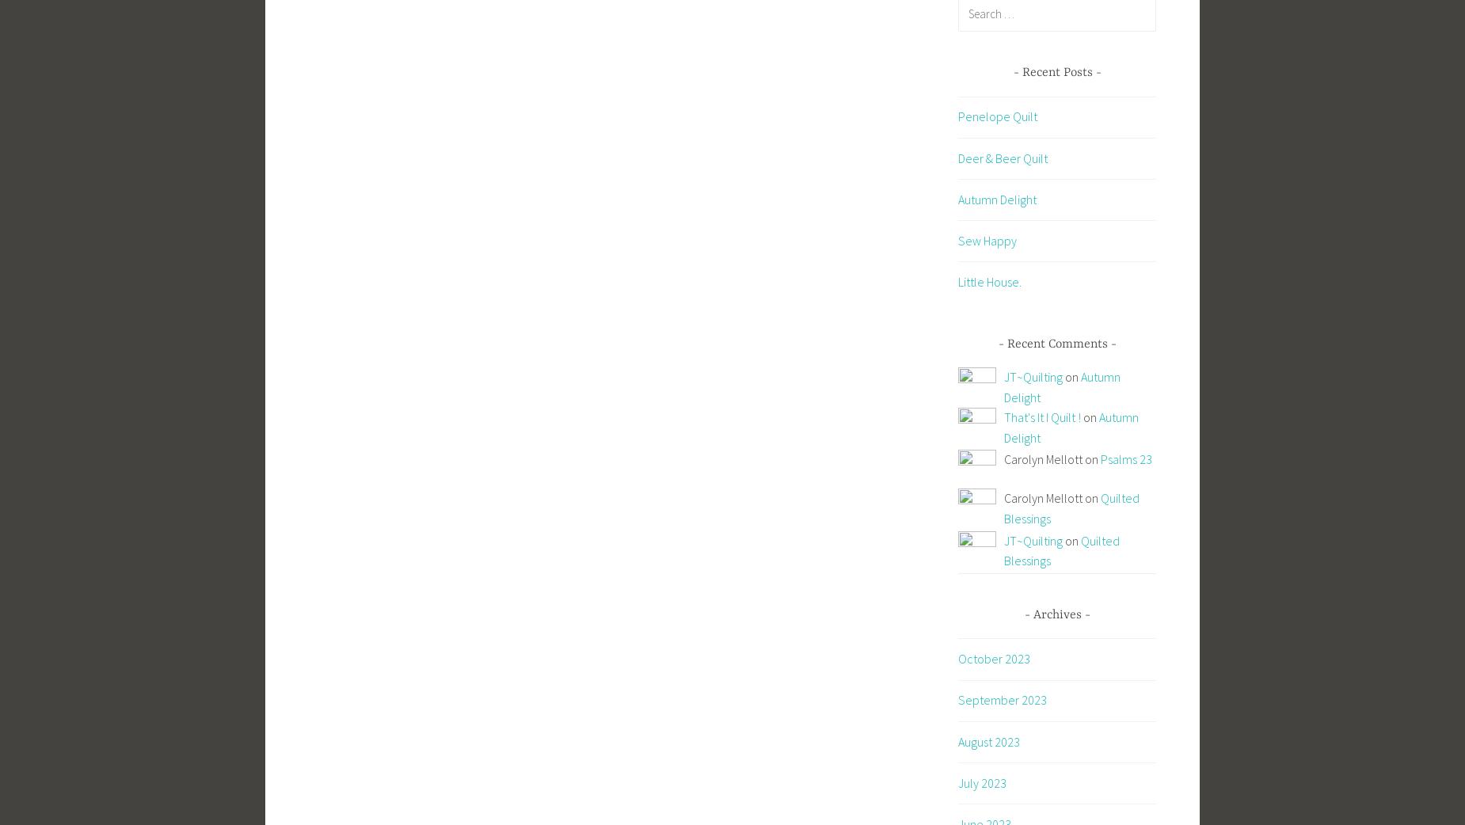 This screenshot has height=825, width=1465. Describe the element at coordinates (957, 281) in the screenshot. I see `'Little House.'` at that location.